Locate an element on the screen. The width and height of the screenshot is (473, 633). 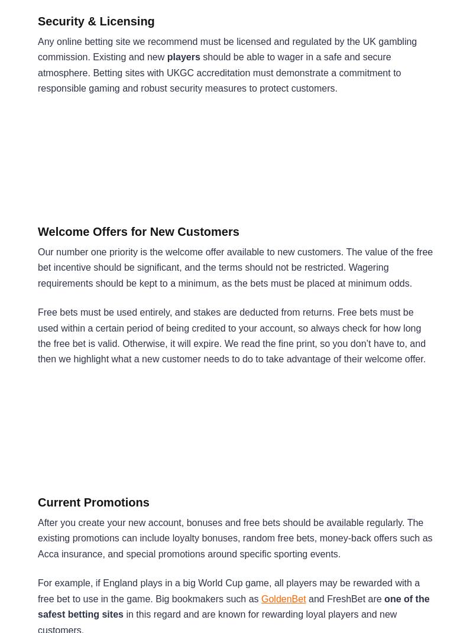
'For example, if England plays in a big World Cup game, all players may be rewarded with a free bet to use in the game. Big bookmakers such as' is located at coordinates (228, 590).